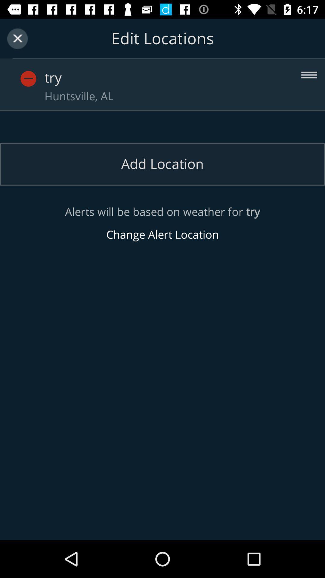  Describe the element at coordinates (17, 38) in the screenshot. I see `the window` at that location.